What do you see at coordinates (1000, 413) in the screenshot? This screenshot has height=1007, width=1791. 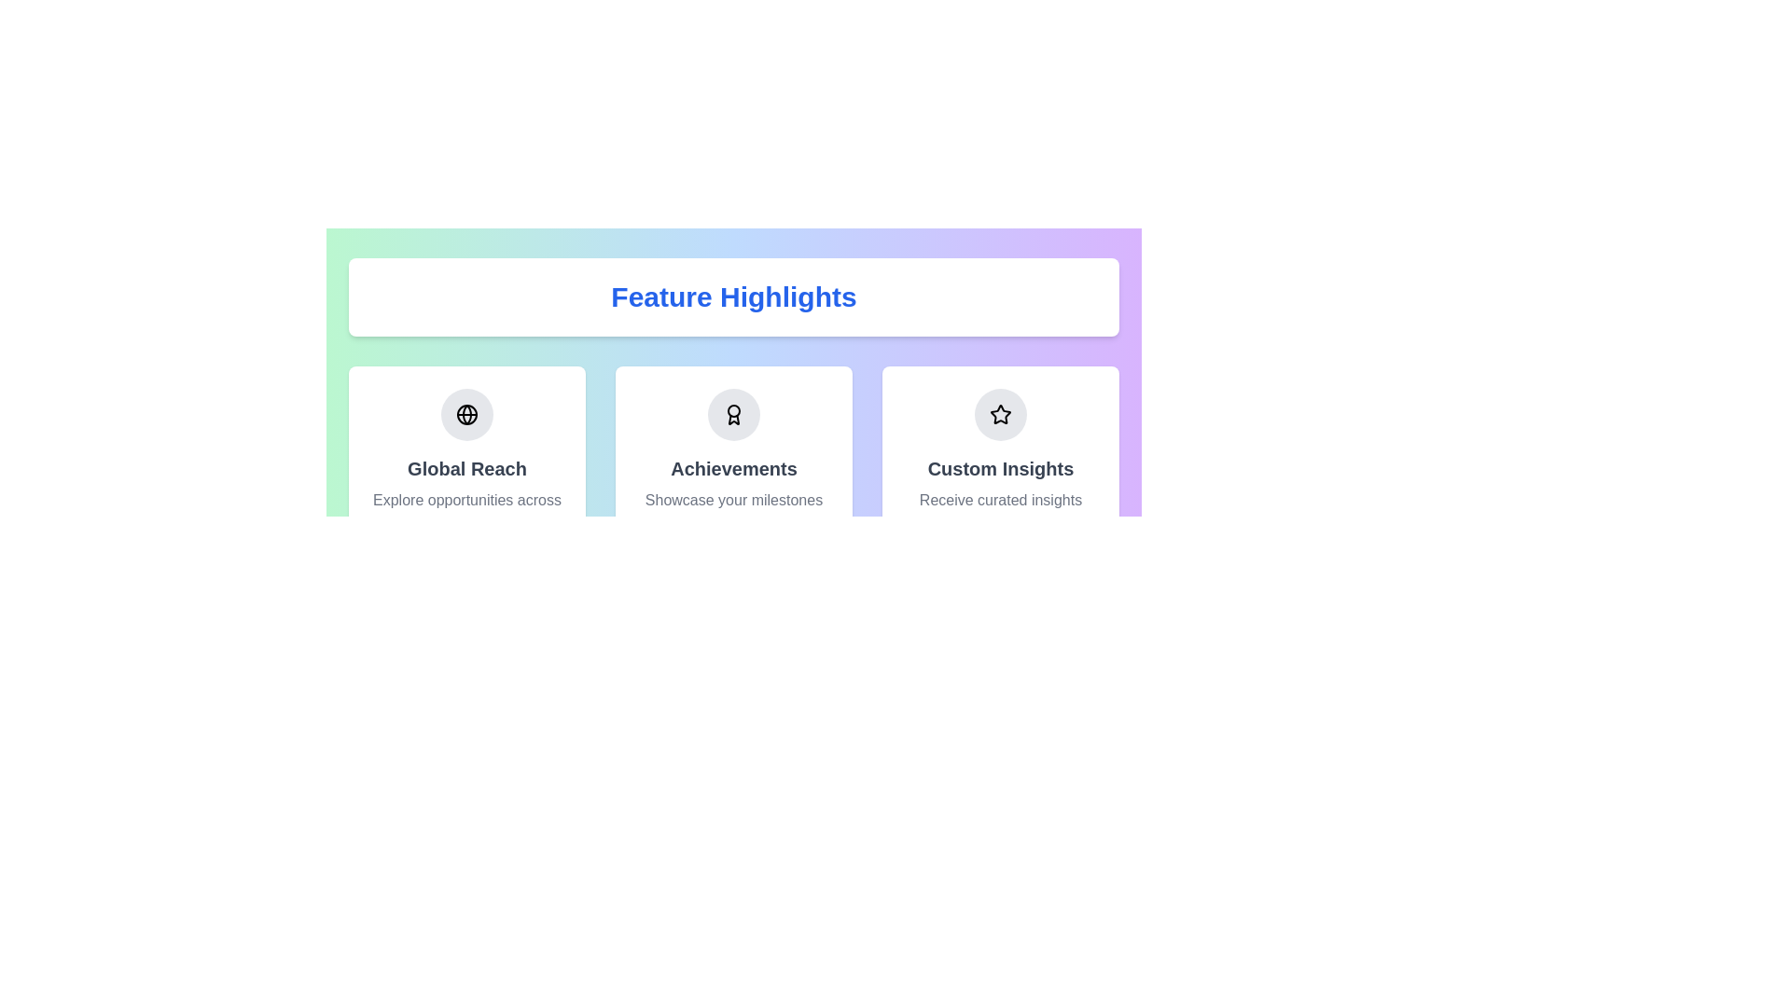 I see `the outlined star icon located near the top-right of the interface, adjacent to the 'Custom Insights' section, if it provides interactive functionality` at bounding box center [1000, 413].